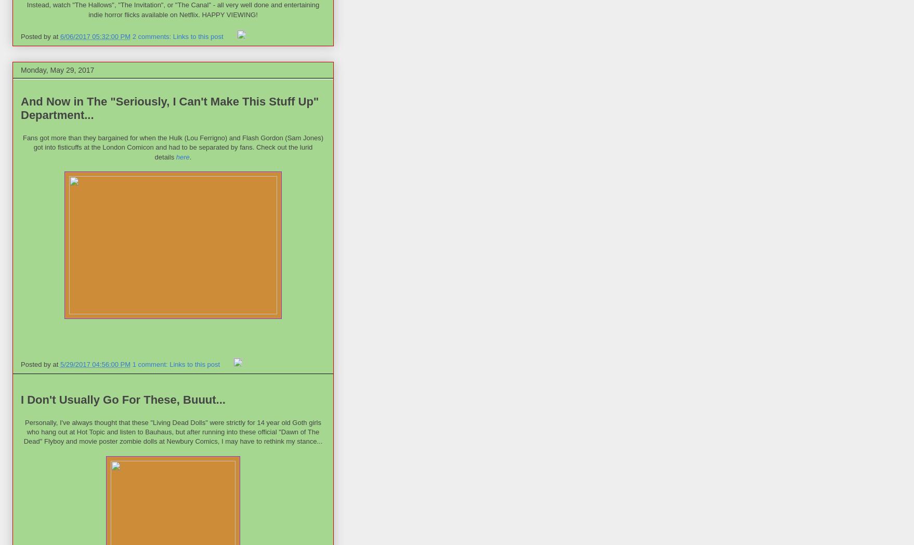 This screenshot has height=545, width=914. What do you see at coordinates (169, 108) in the screenshot?
I see `'And Now in The "Seriously, I Can't Make This Stuff Up" Department...'` at bounding box center [169, 108].